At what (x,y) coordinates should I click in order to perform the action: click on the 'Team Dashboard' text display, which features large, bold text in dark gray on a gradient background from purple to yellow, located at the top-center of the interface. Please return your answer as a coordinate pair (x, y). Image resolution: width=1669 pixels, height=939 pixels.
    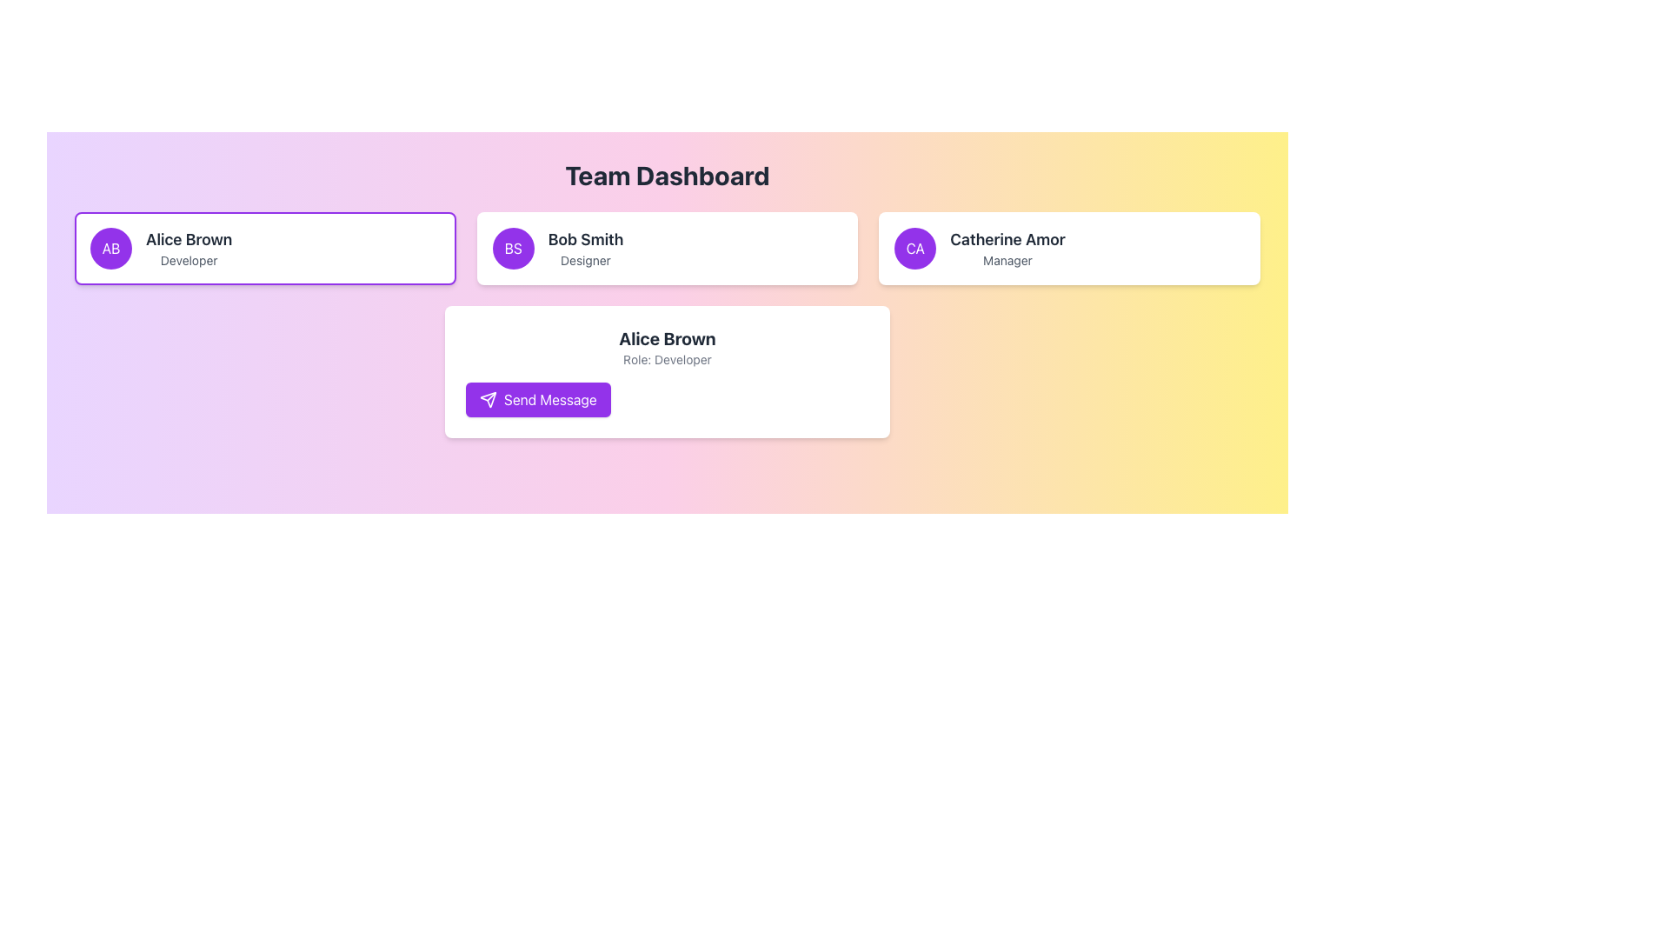
    Looking at the image, I should click on (667, 175).